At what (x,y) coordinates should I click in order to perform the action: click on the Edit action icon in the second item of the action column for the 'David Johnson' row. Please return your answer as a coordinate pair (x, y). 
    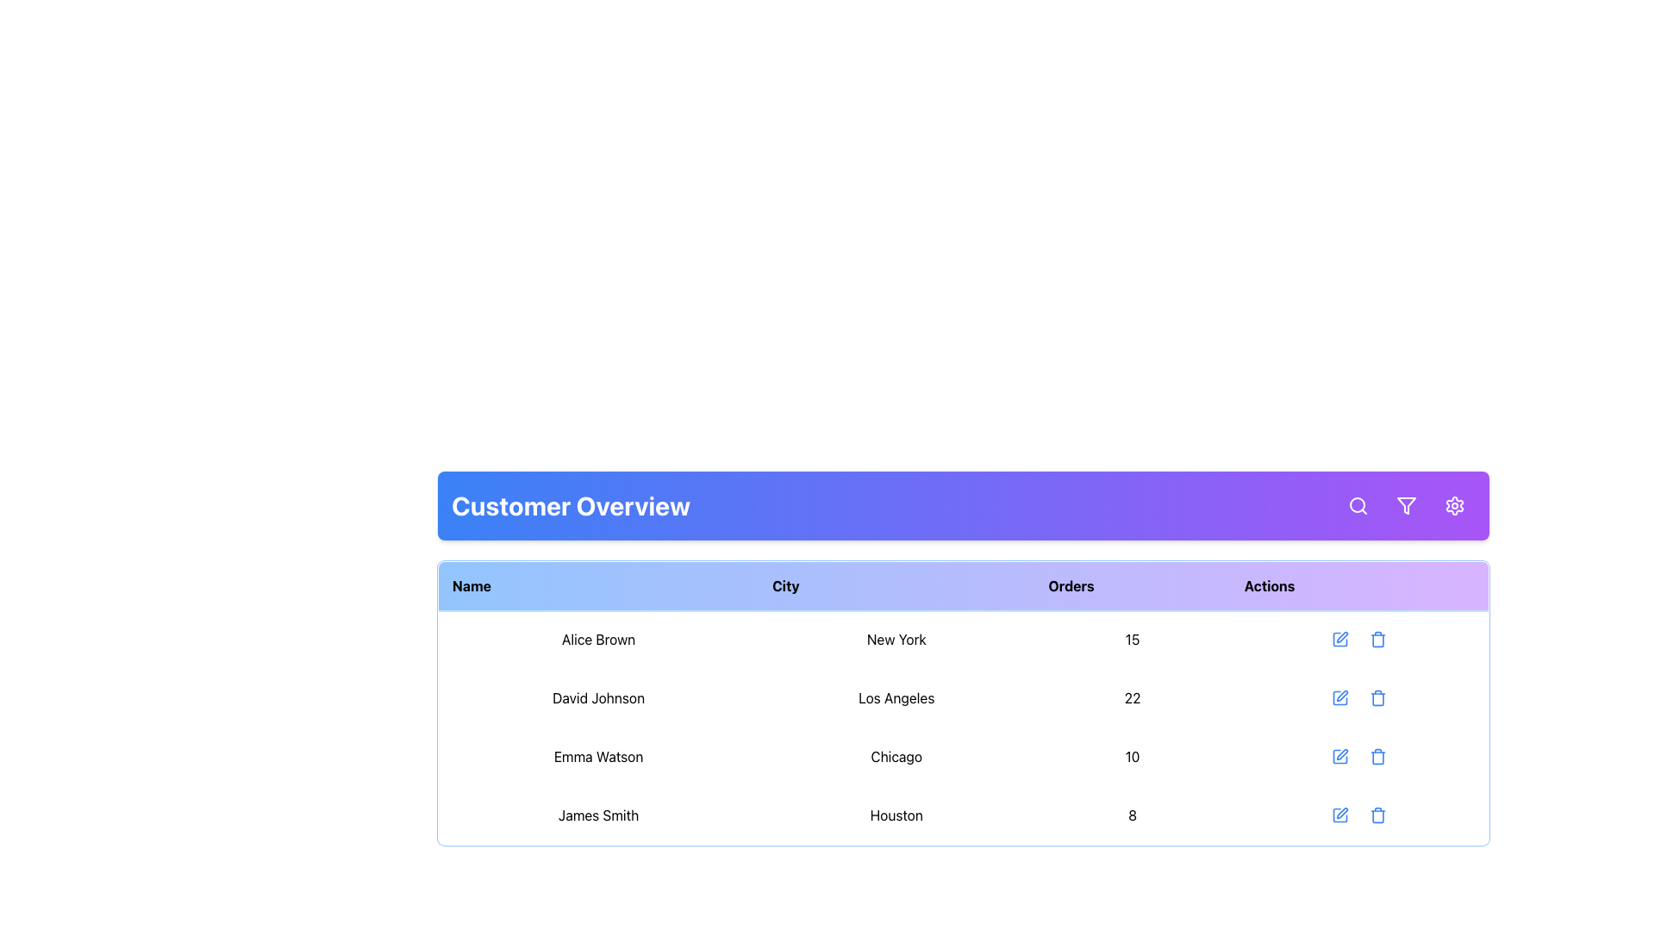
    Looking at the image, I should click on (1340, 698).